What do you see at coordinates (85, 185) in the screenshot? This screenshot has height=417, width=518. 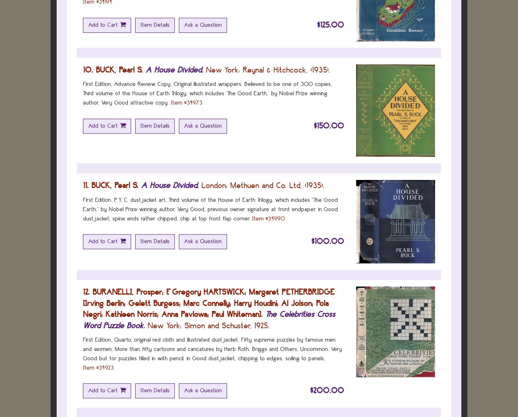 I see `'11.'` at bounding box center [85, 185].